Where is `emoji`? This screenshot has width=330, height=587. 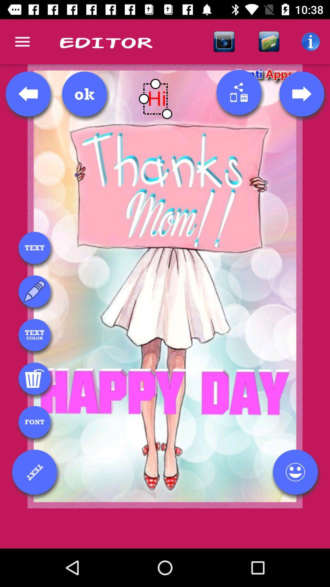 emoji is located at coordinates (295, 472).